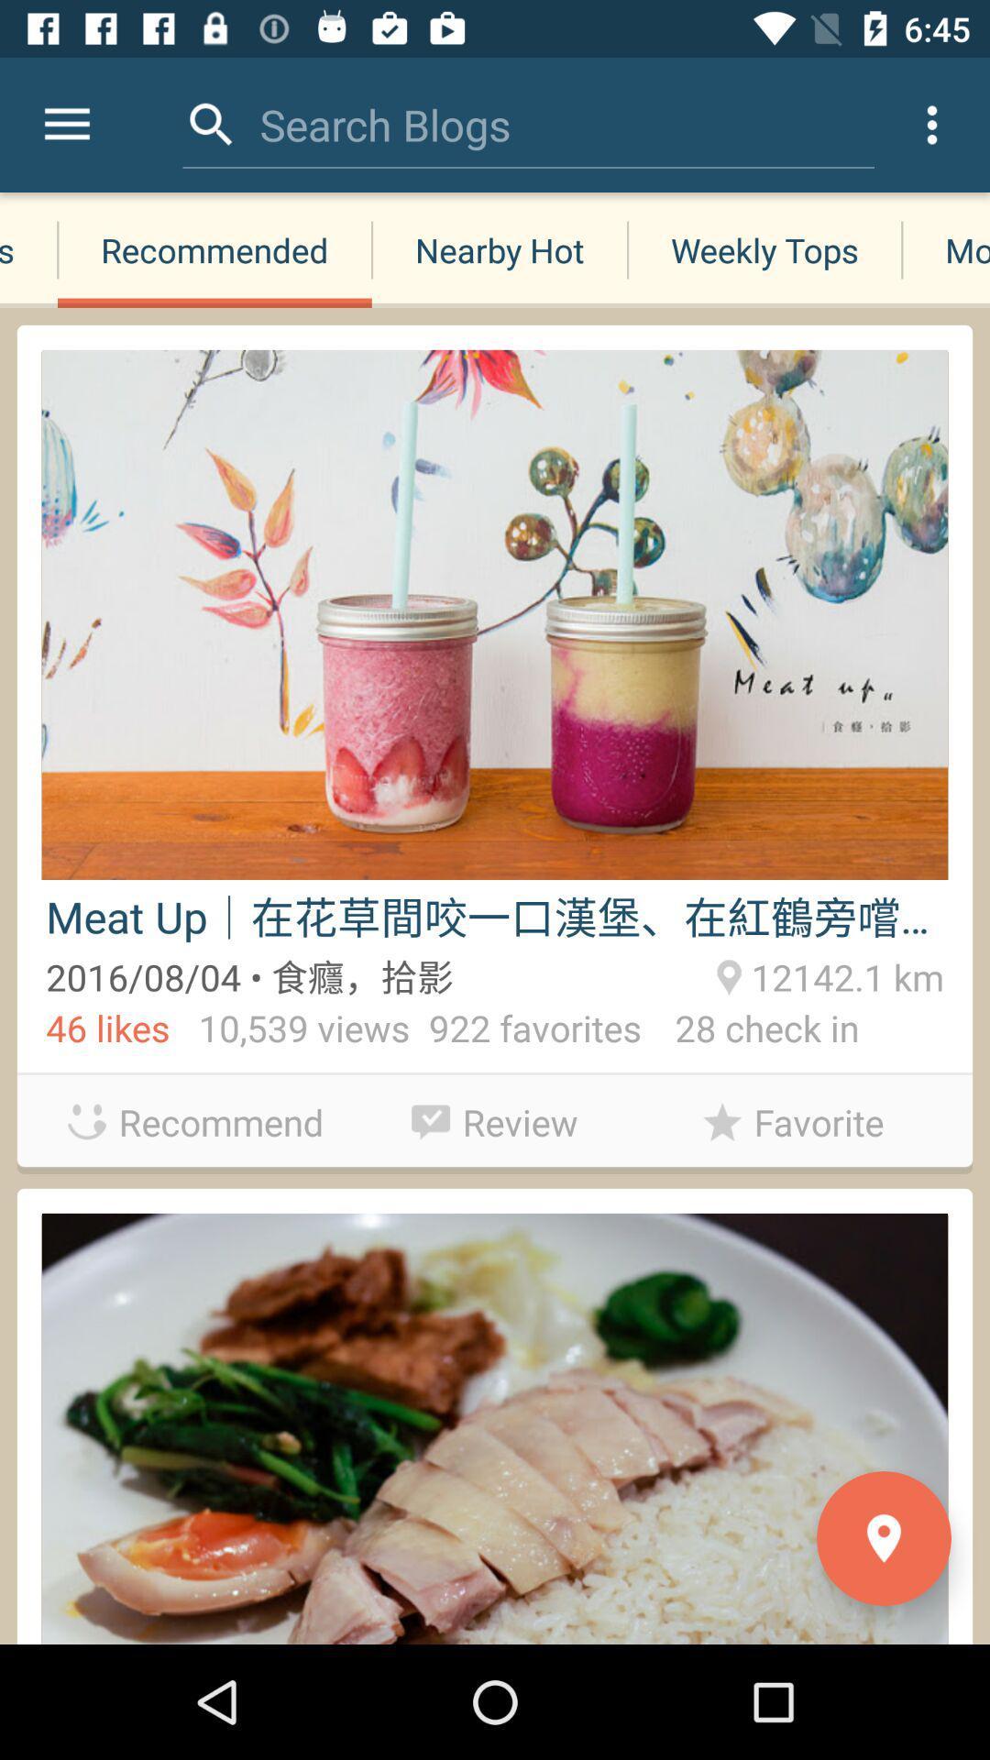 The width and height of the screenshot is (990, 1760). What do you see at coordinates (495, 1116) in the screenshot?
I see `the review app` at bounding box center [495, 1116].